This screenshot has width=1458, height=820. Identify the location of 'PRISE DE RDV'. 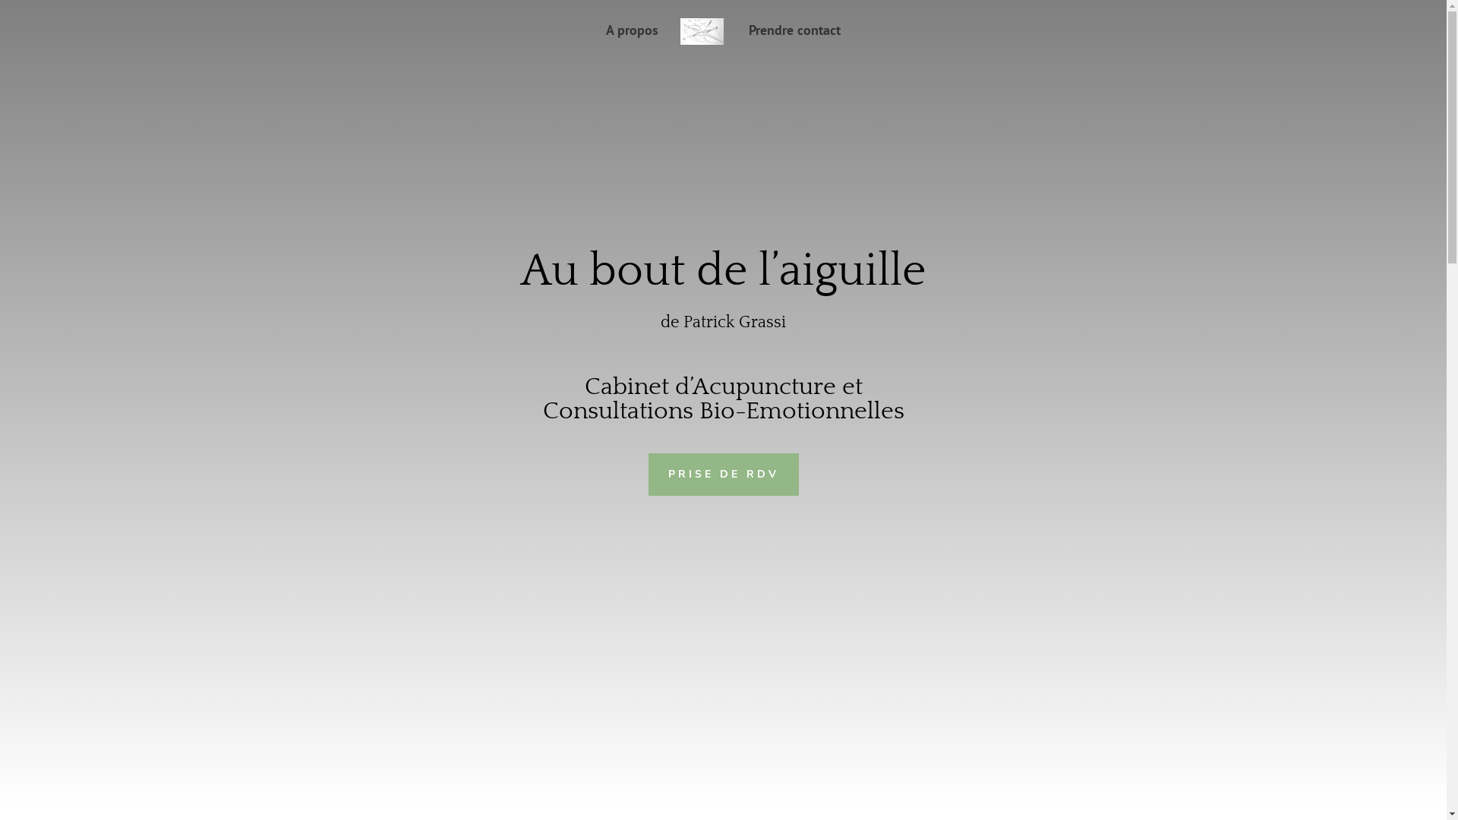
(723, 473).